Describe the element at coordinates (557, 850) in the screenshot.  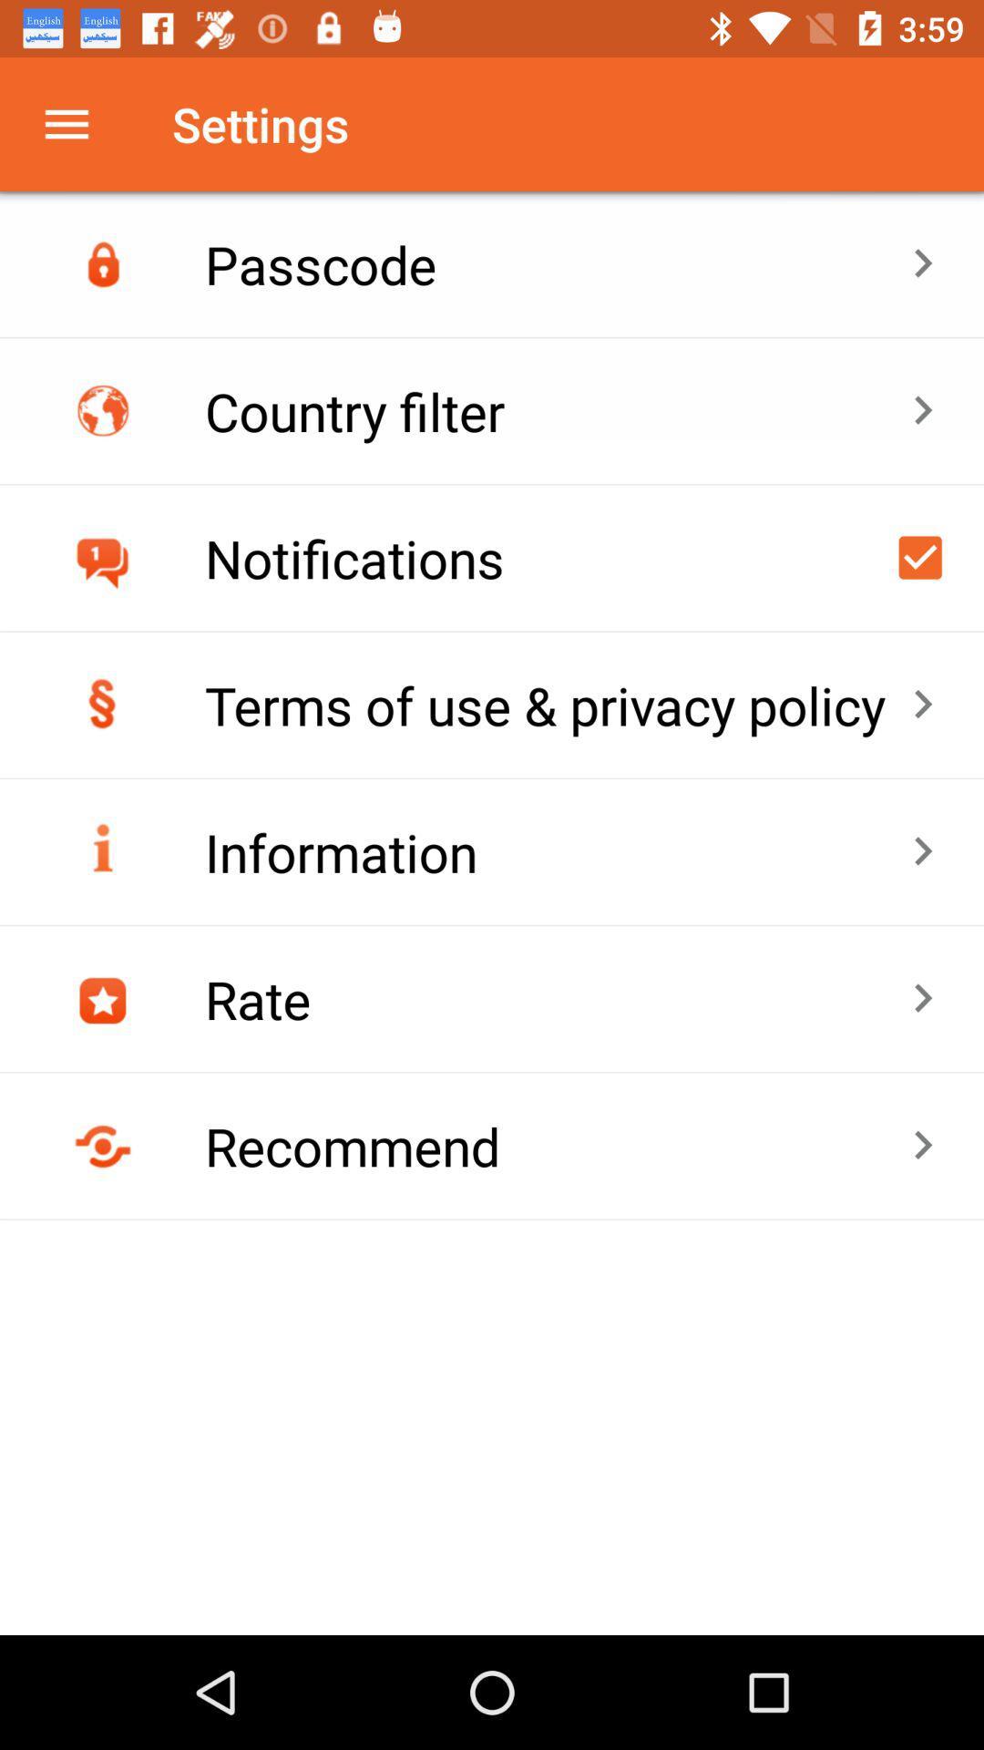
I see `information icon` at that location.